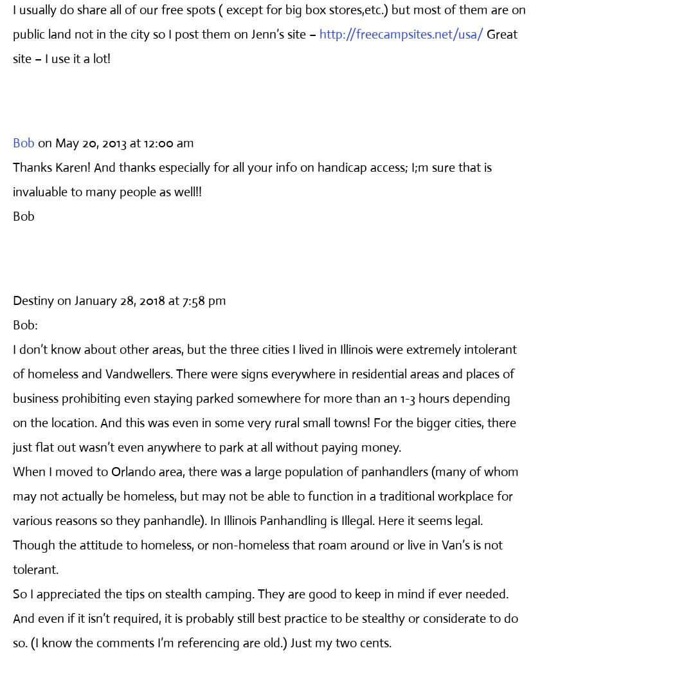 This screenshot has width=675, height=691. Describe the element at coordinates (32, 299) in the screenshot. I see `'Destiny'` at that location.